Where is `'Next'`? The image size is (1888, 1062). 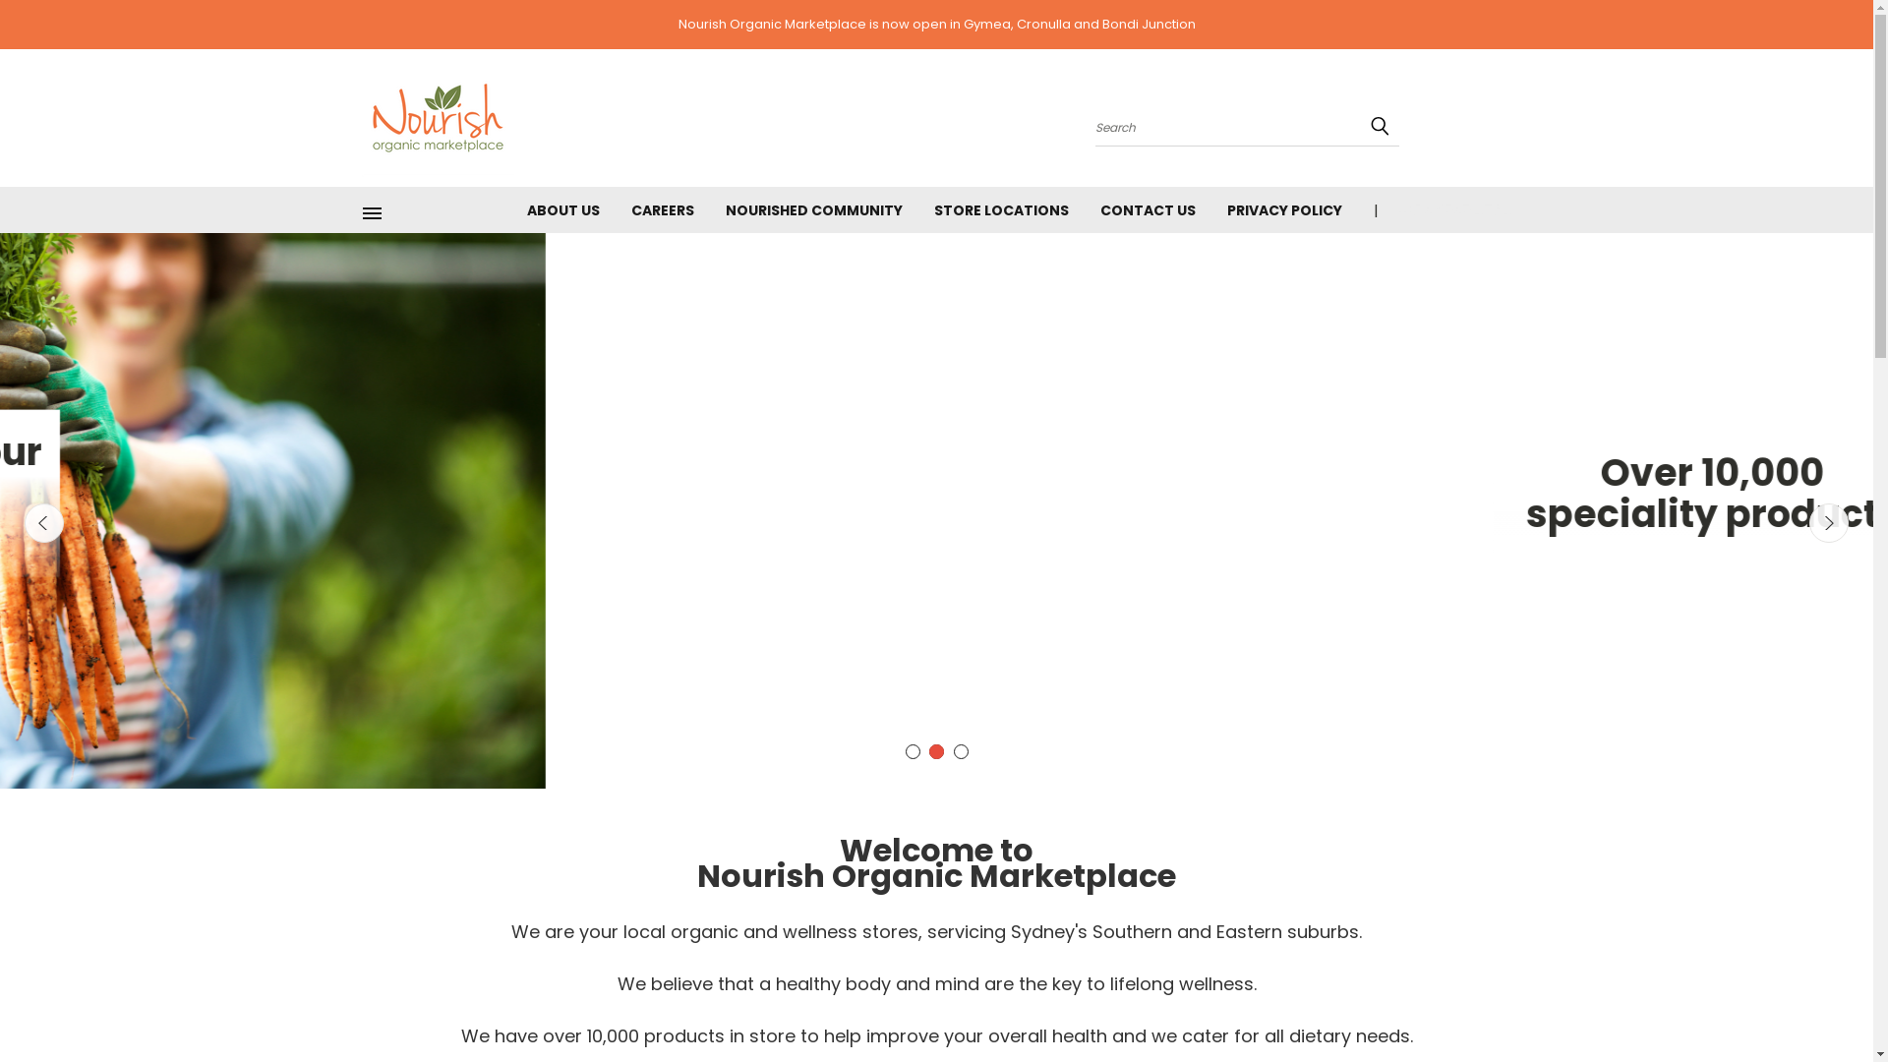 'Next' is located at coordinates (1808, 522).